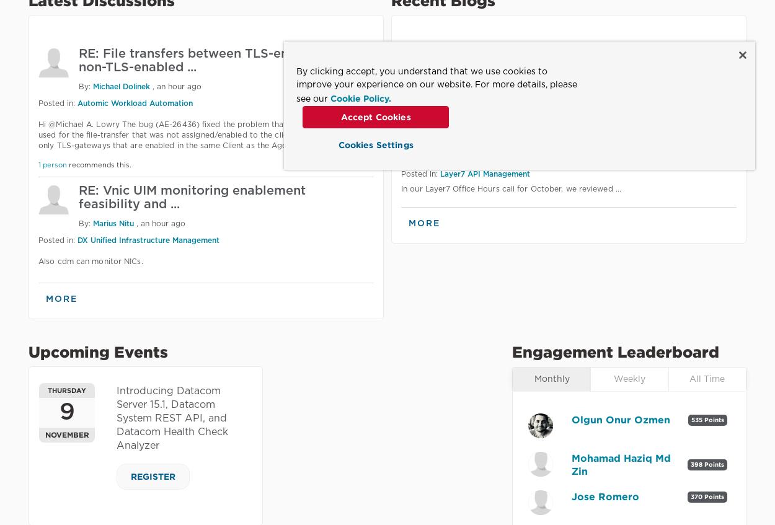 Image resolution: width=775 pixels, height=525 pixels. What do you see at coordinates (474, 155) in the screenshot?
I see `'Bill Oakes'` at bounding box center [474, 155].